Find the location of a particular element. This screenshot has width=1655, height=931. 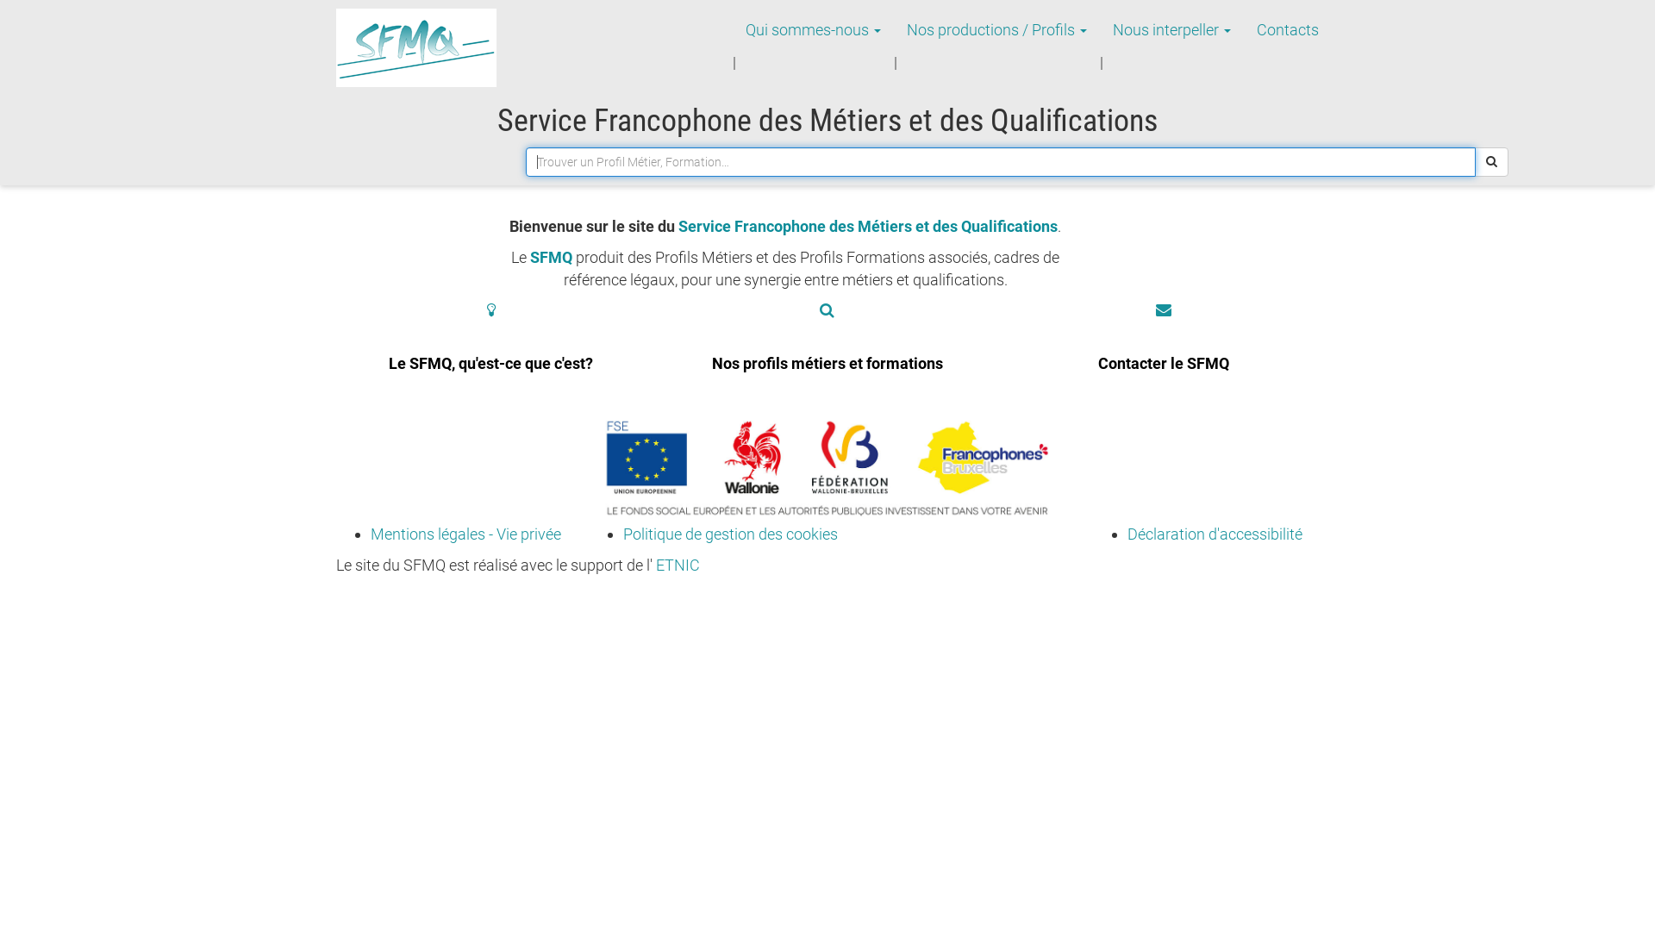

'  Contacter le SFMQ is located at coordinates (1163, 351).